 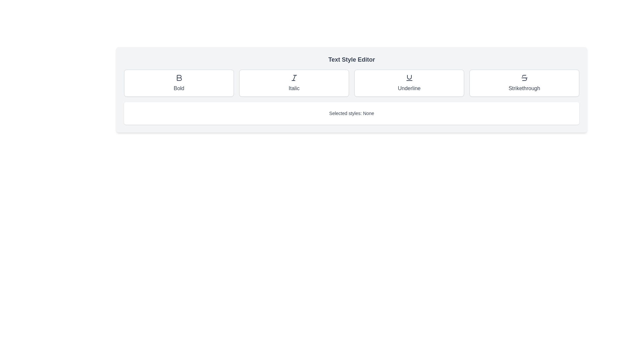 What do you see at coordinates (524, 88) in the screenshot?
I see `text content of the 'Strikethrough' label located at the bottom of the button, positioned to the right of the 'Underline' button` at bounding box center [524, 88].